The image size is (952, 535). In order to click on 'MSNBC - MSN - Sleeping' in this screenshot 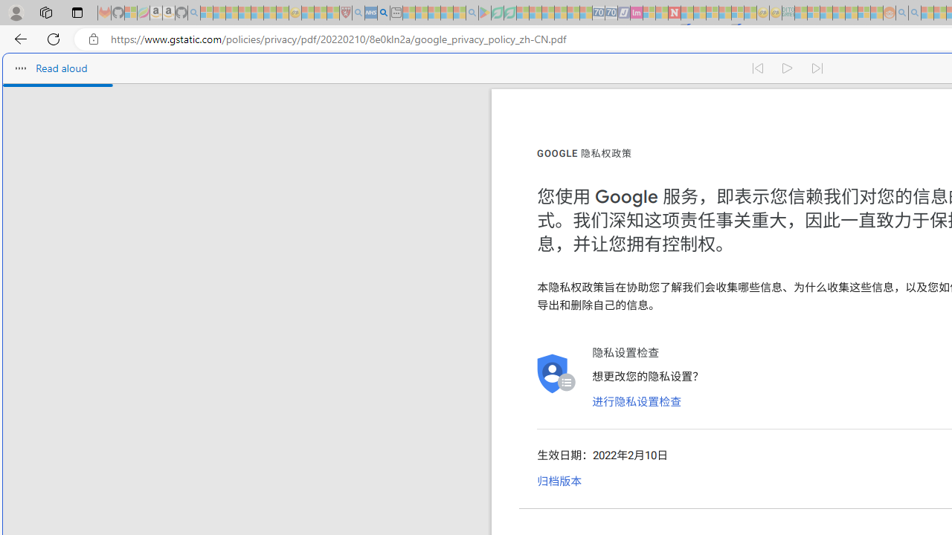, I will do `click(800, 13)`.